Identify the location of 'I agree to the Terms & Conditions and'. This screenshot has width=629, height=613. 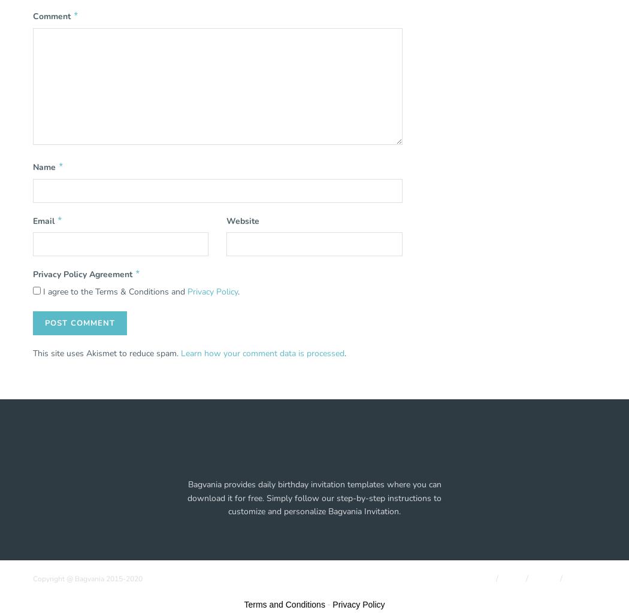
(40, 291).